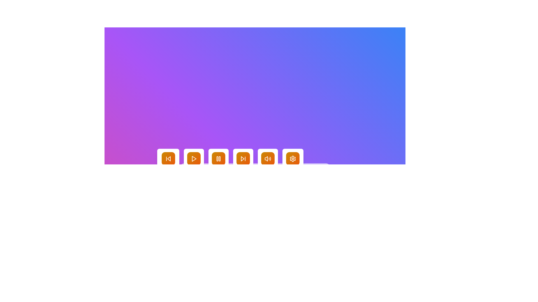 The width and height of the screenshot is (538, 302). I want to click on the 'Skip Back' button located centrally towards the bottom of the visible area, so click(168, 159).